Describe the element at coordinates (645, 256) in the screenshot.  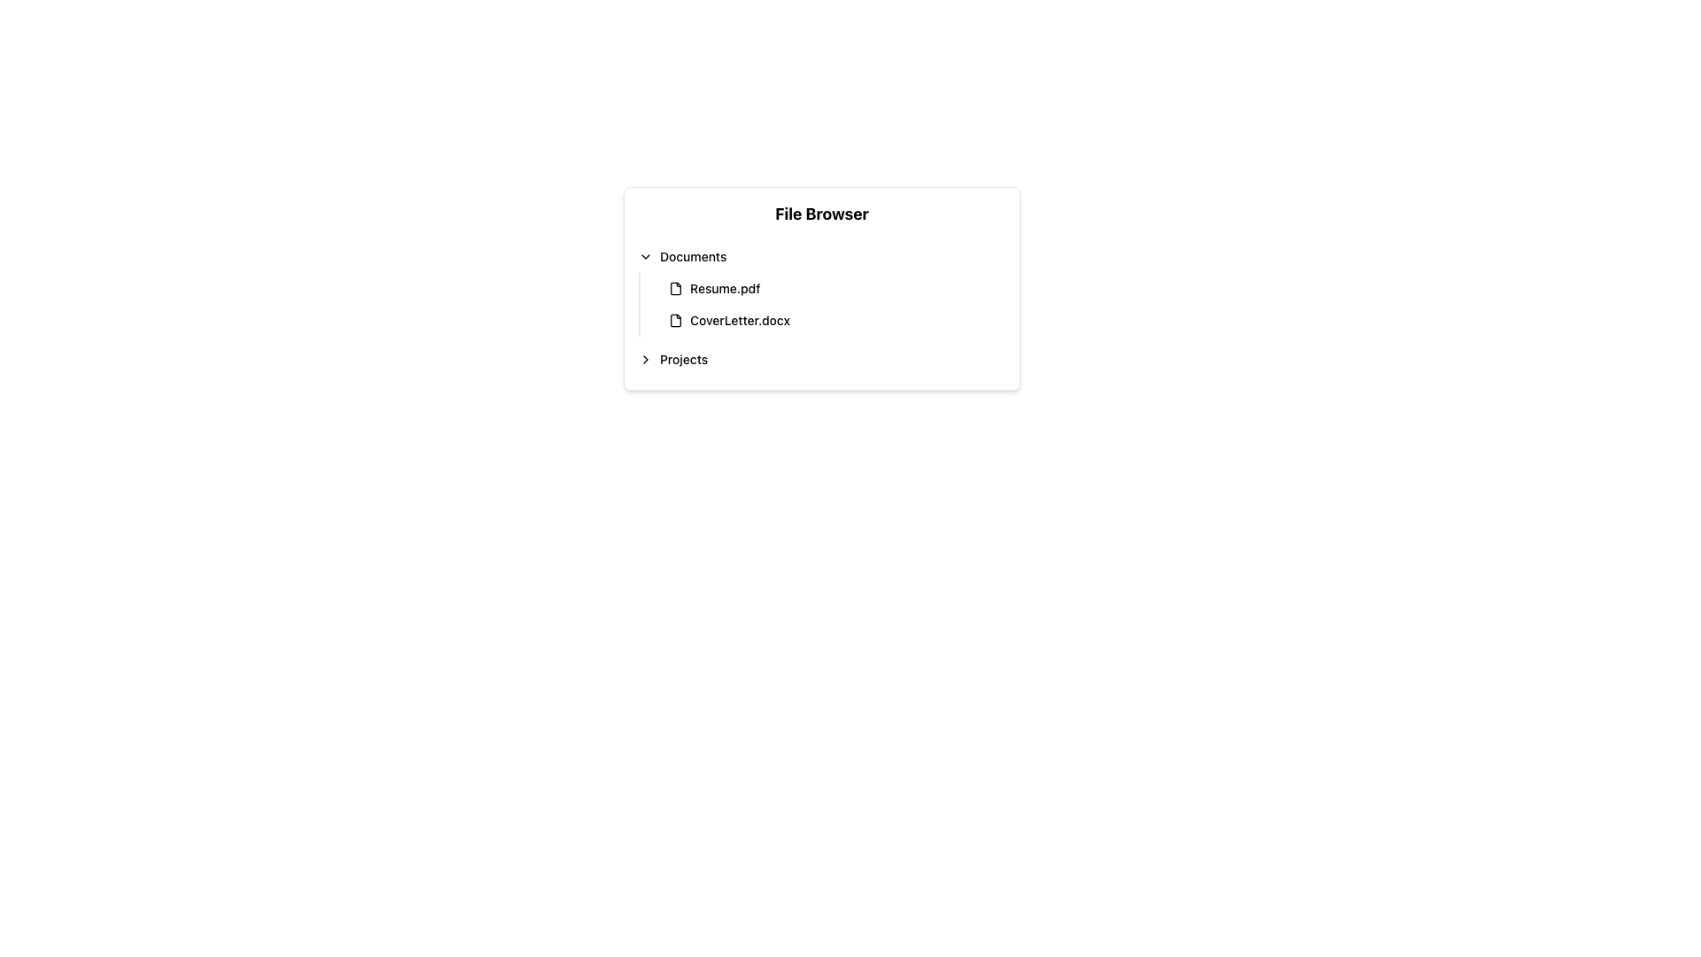
I see `the downward-pointing arrow Collapse/Expand Icon located to the left of the 'Documents' text in the 'File Browser' section to indicate its functionality` at that location.